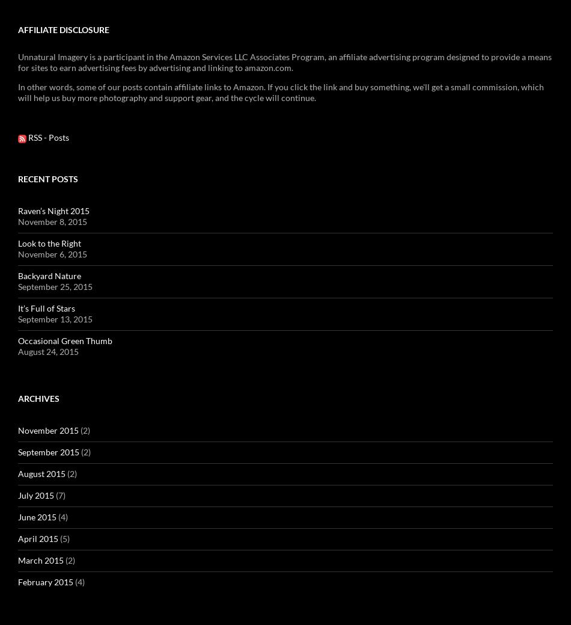 The height and width of the screenshot is (625, 571). Describe the element at coordinates (176, 461) in the screenshot. I see `'Langdon Tactical'` at that location.